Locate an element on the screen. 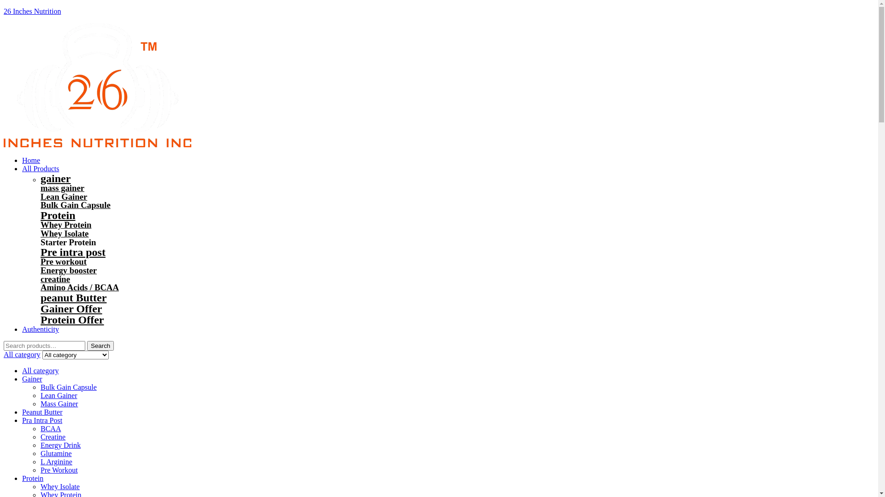 Image resolution: width=885 pixels, height=497 pixels. '26 Inches Nutrition' is located at coordinates (32, 11).